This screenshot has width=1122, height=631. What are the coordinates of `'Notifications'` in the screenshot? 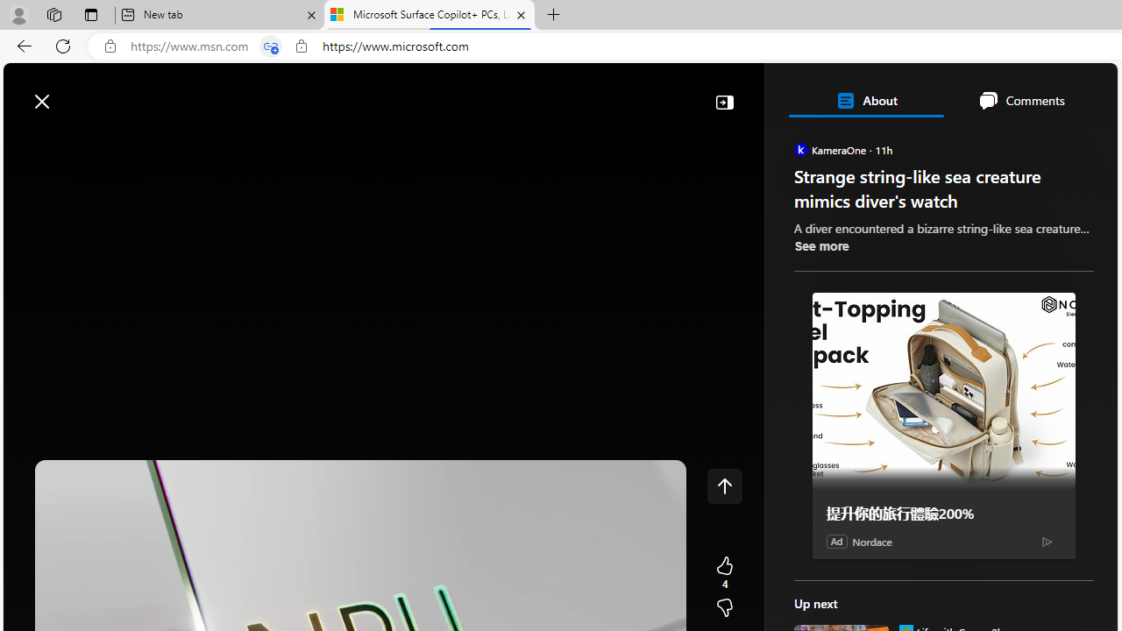 It's located at (1044, 92).